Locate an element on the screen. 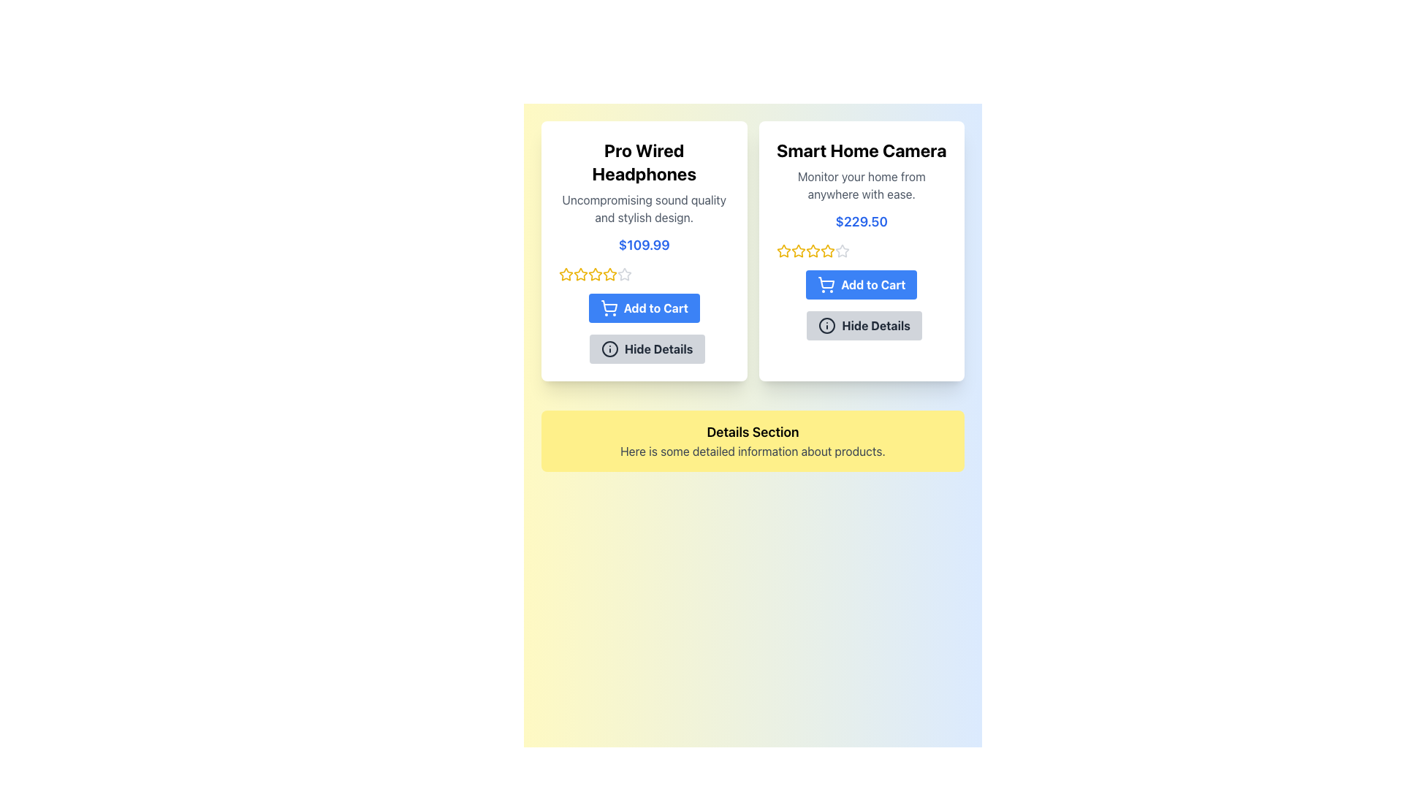 This screenshot has height=789, width=1403. the gray button with rounded corners containing an encircled 'i' icon and the text 'Hide Details' to hide details is located at coordinates (646, 349).